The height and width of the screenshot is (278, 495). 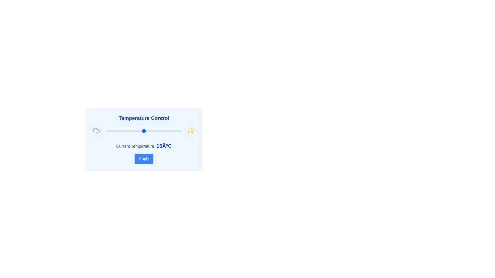 What do you see at coordinates (144, 159) in the screenshot?
I see `Apply button to confirm the selected temperature` at bounding box center [144, 159].